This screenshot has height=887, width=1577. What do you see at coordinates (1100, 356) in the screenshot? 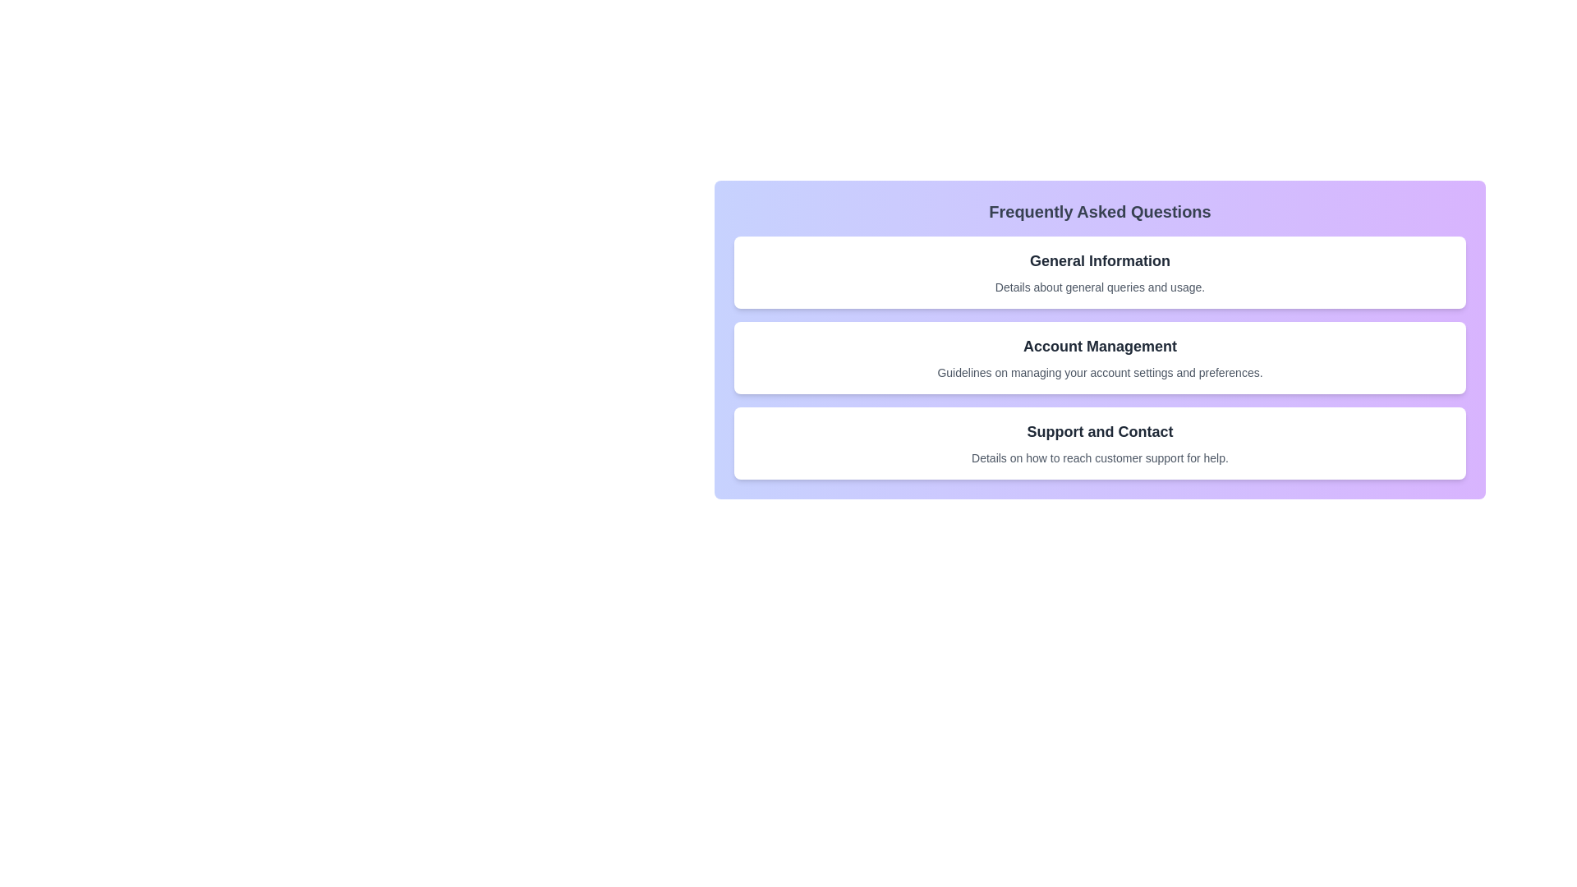
I see `the second informative card in the FAQ section, which is centrally aligned below the 'General Information' card and above the 'Support and Contact' card` at bounding box center [1100, 356].